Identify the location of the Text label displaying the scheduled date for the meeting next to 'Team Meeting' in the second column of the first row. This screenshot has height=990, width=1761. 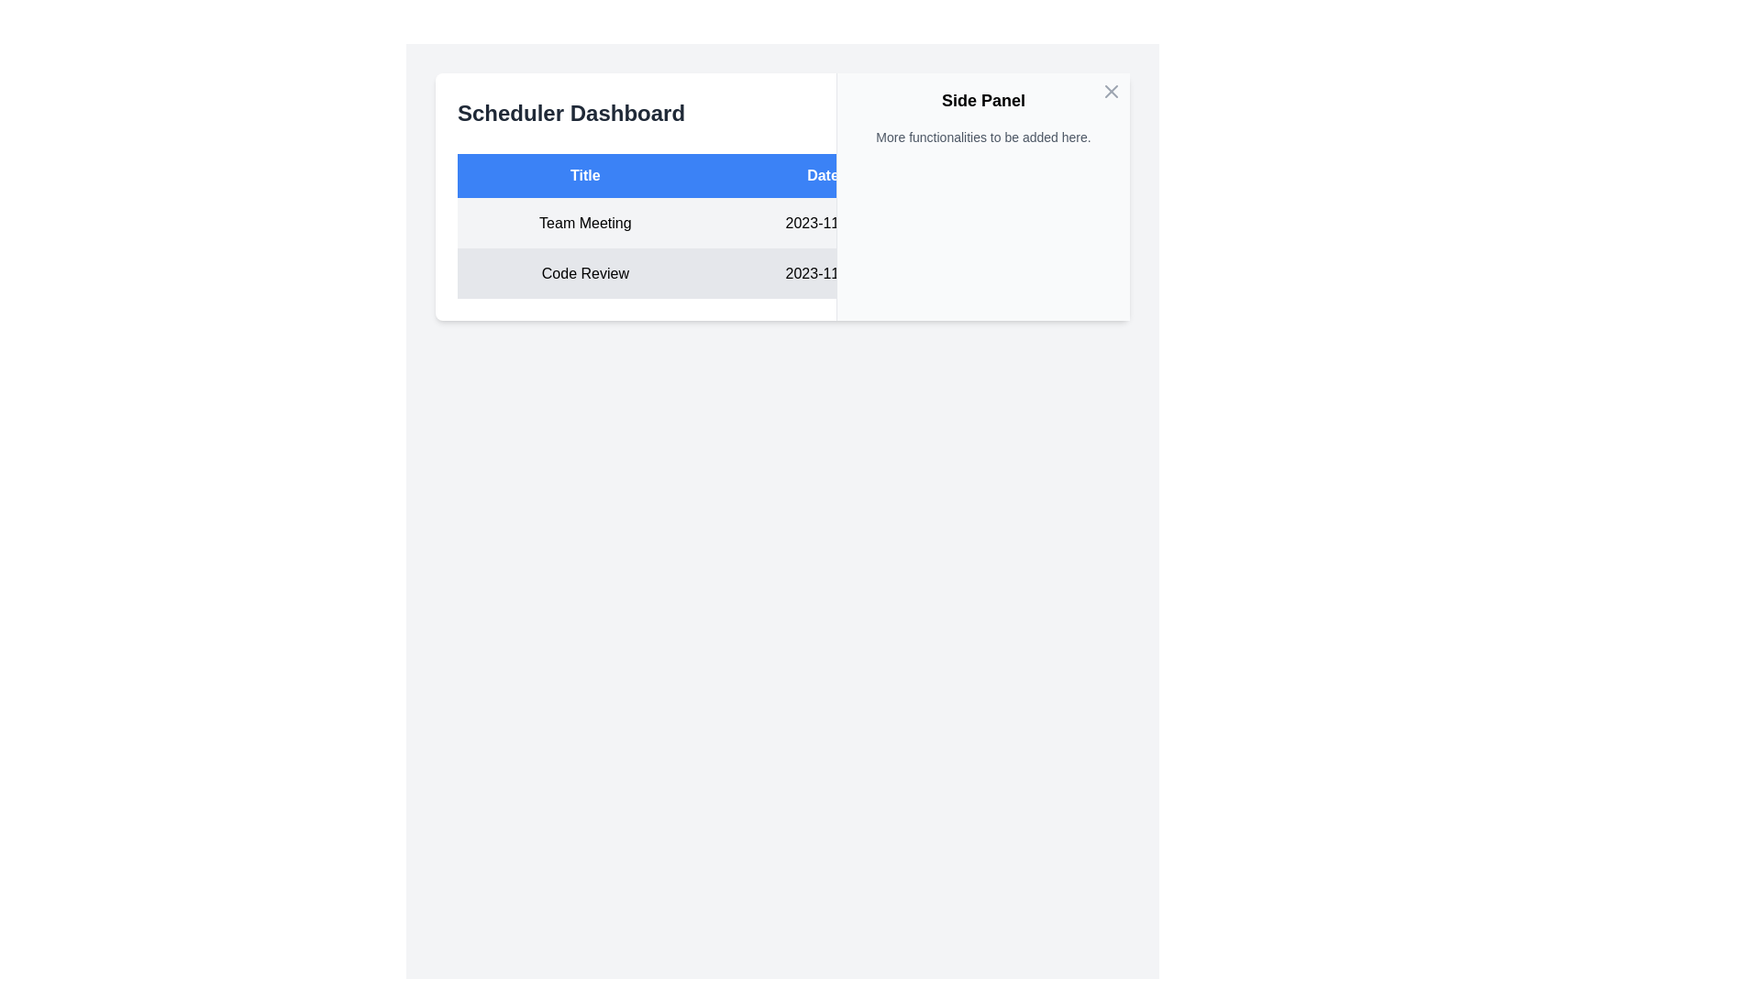
(822, 222).